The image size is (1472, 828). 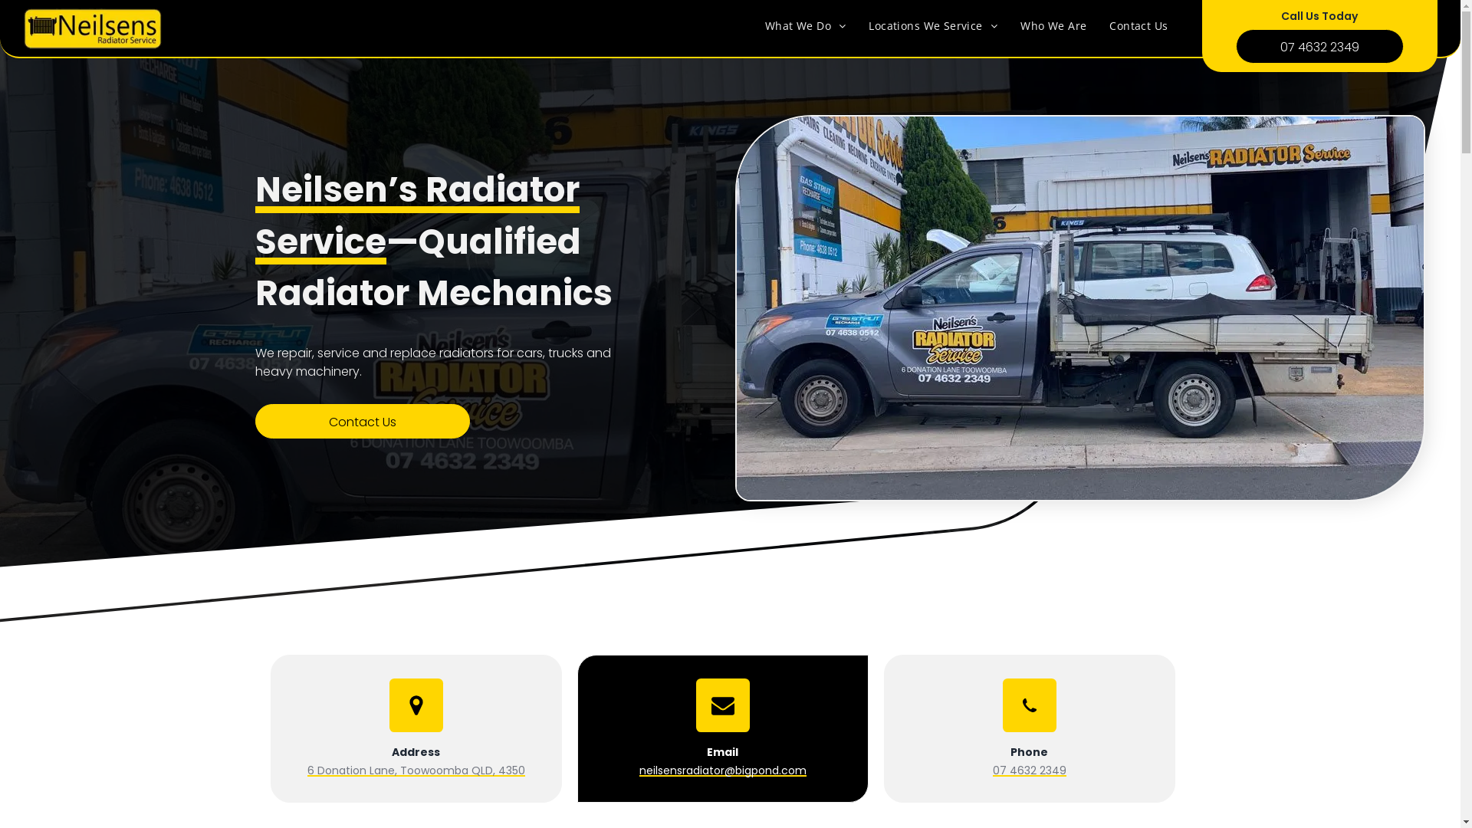 I want to click on 'Email Icon', so click(x=721, y=705).